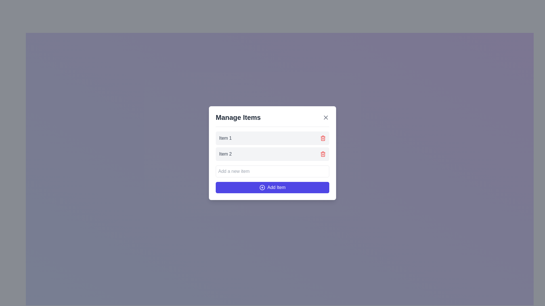  Describe the element at coordinates (326, 117) in the screenshot. I see `the Close icon, which is represented by an SVG diagonal cross located at the top right corner of the dialog box adjacent to the 'Manage Items' title` at that location.